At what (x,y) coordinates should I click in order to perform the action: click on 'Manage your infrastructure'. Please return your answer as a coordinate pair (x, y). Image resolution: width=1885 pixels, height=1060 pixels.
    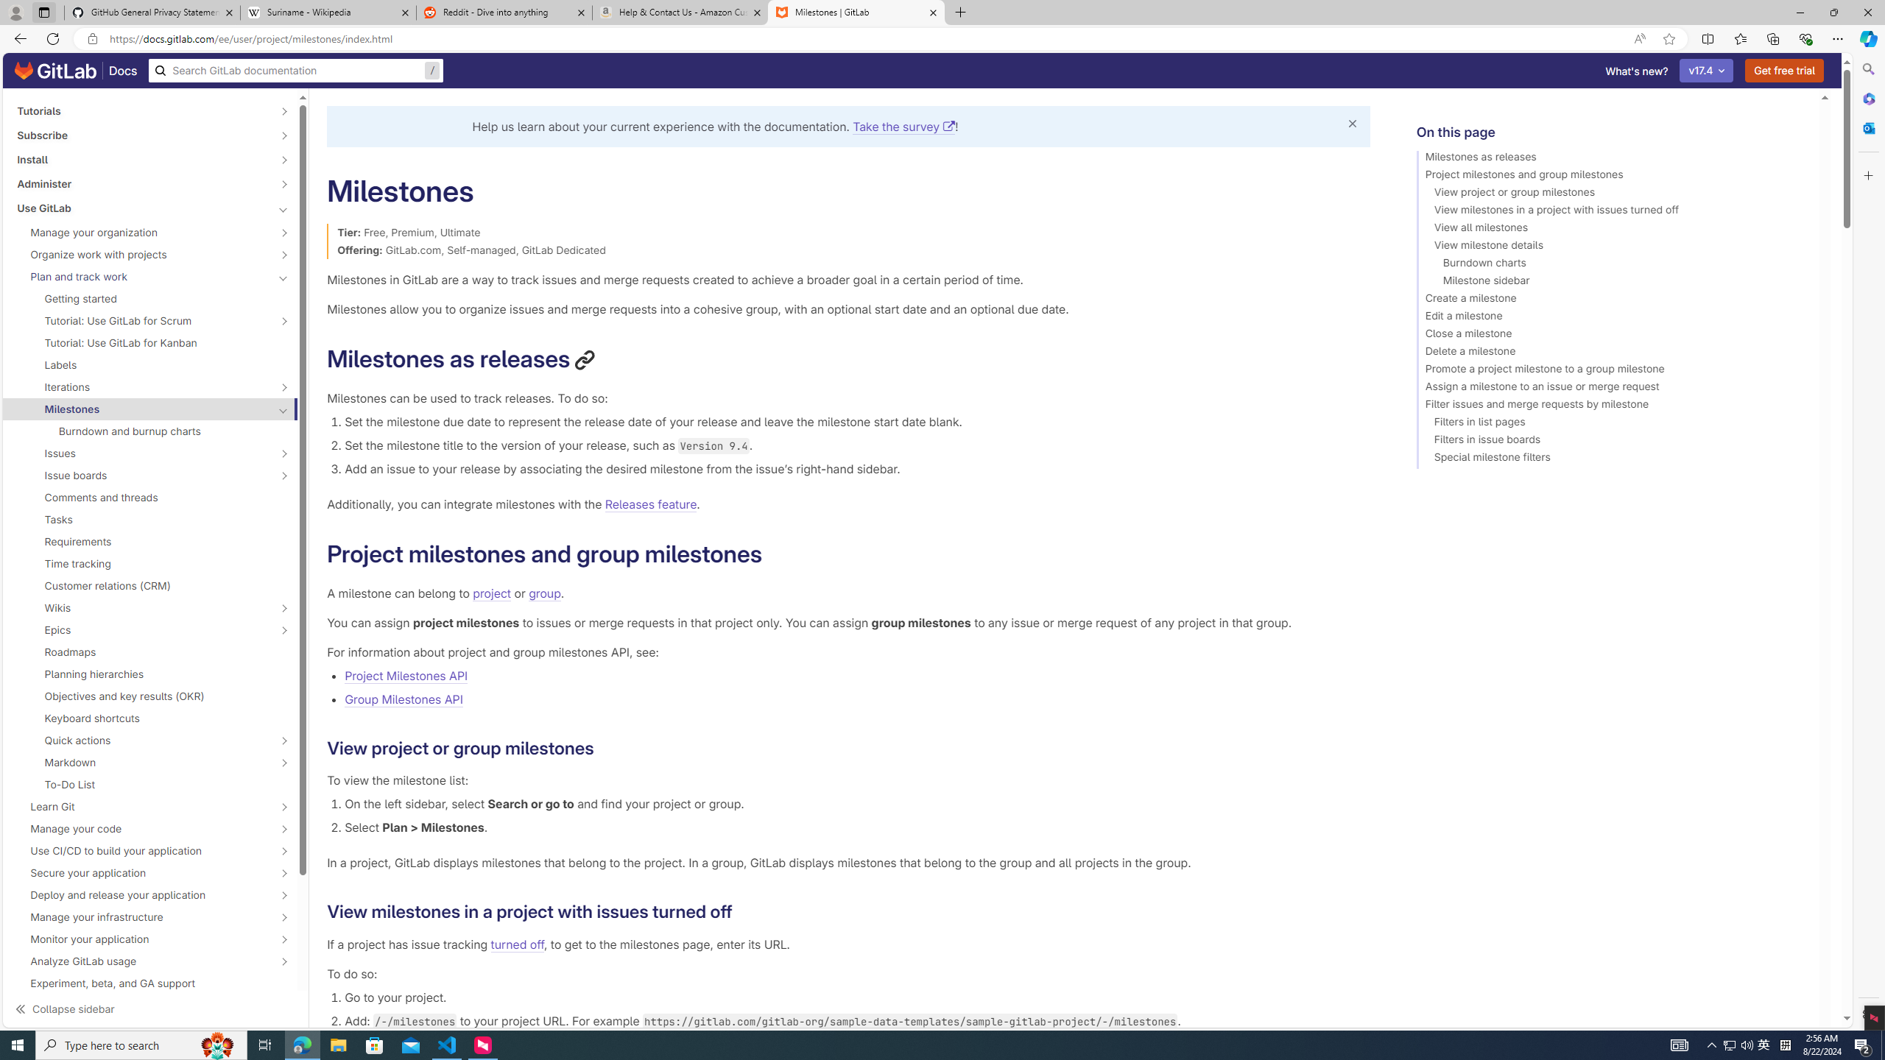
    Looking at the image, I should click on (141, 916).